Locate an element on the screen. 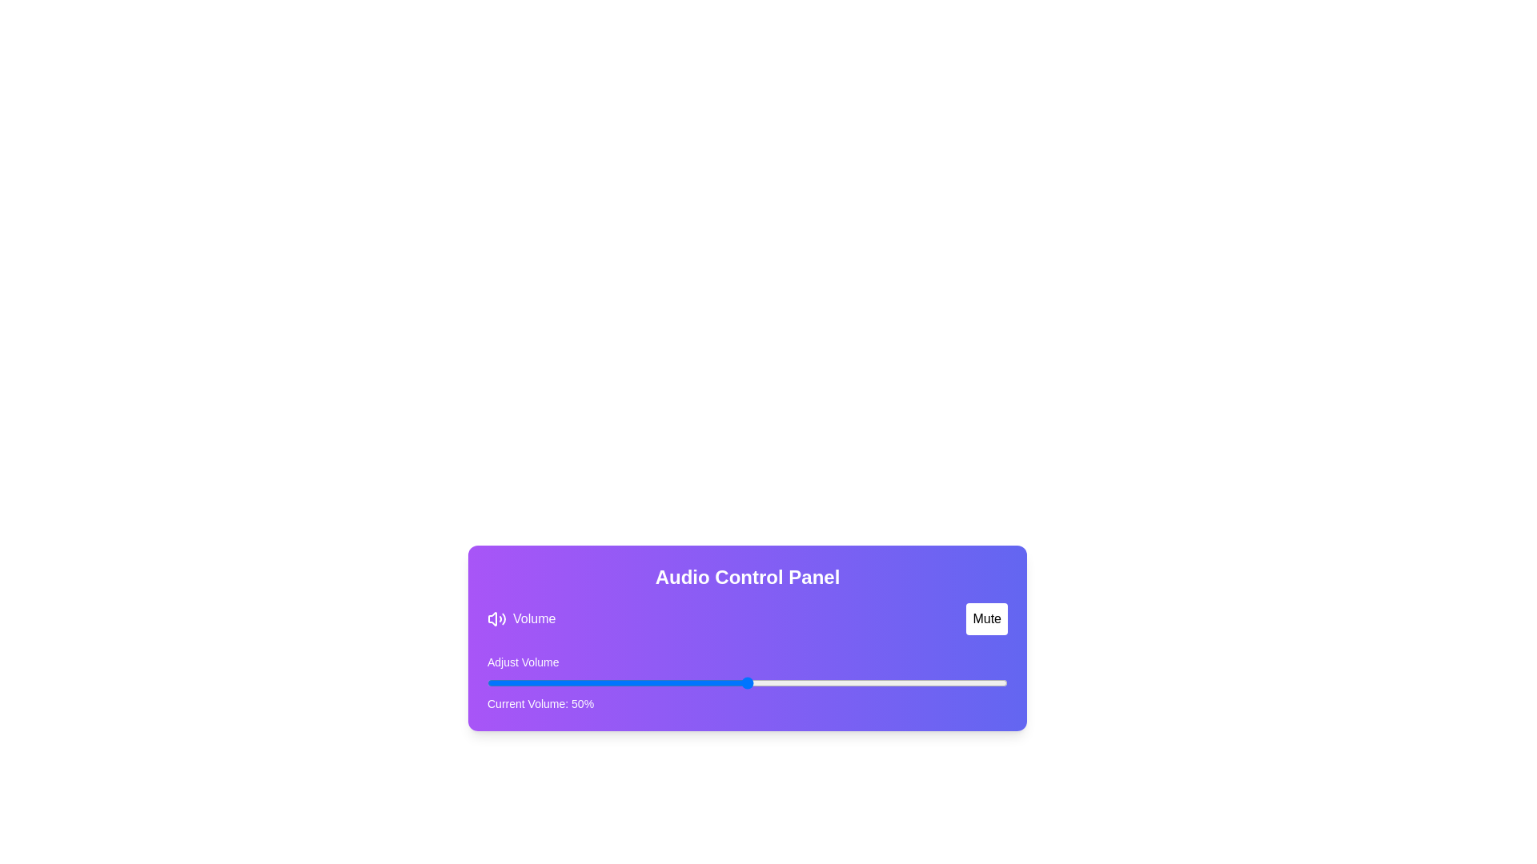 This screenshot has height=864, width=1537. the volume slider is located at coordinates (747, 682).